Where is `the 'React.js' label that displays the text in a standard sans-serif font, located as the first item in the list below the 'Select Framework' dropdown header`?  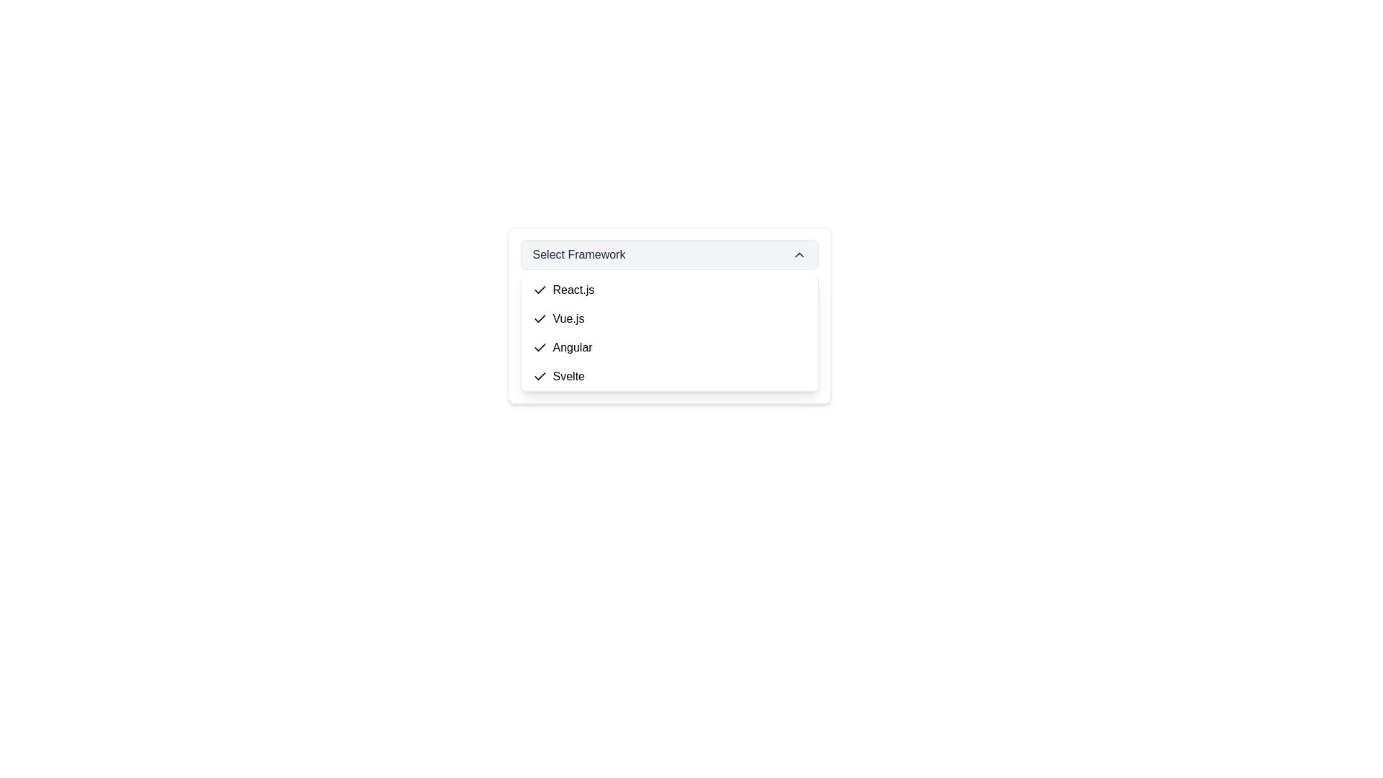
the 'React.js' label that displays the text in a standard sans-serif font, located as the first item in the list below the 'Select Framework' dropdown header is located at coordinates (573, 290).